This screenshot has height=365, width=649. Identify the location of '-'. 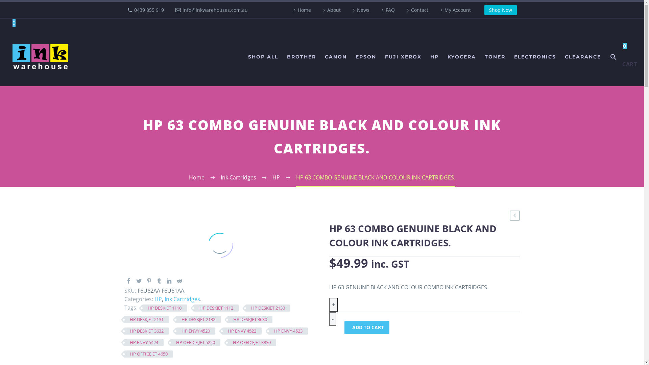
(333, 319).